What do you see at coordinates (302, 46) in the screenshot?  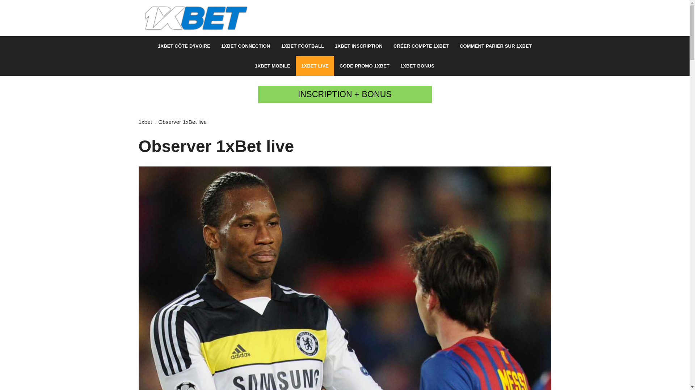 I see `'1XBET FOOTBALL'` at bounding box center [302, 46].